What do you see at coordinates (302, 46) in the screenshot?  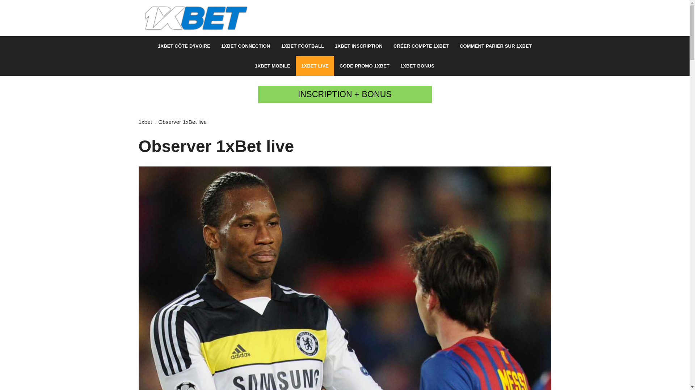 I see `'1XBET FOOTBALL'` at bounding box center [302, 46].